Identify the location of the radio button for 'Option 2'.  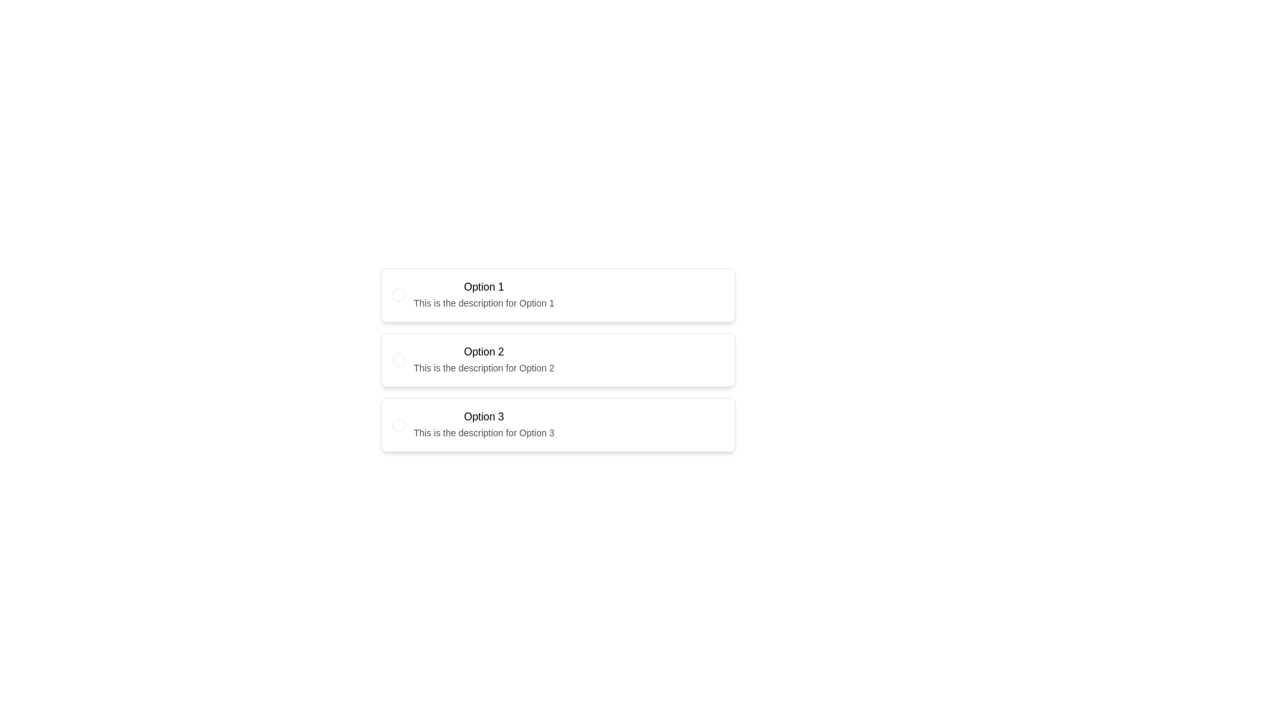
(399, 359).